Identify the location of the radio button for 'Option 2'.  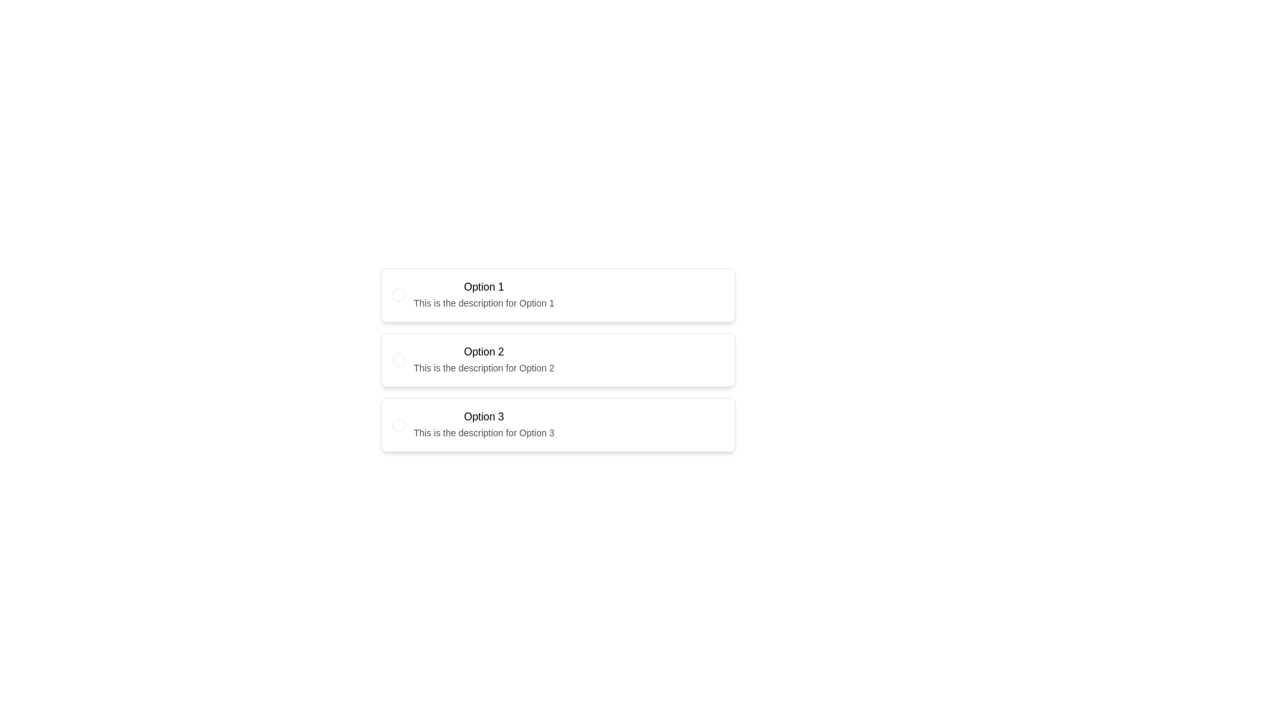
(399, 359).